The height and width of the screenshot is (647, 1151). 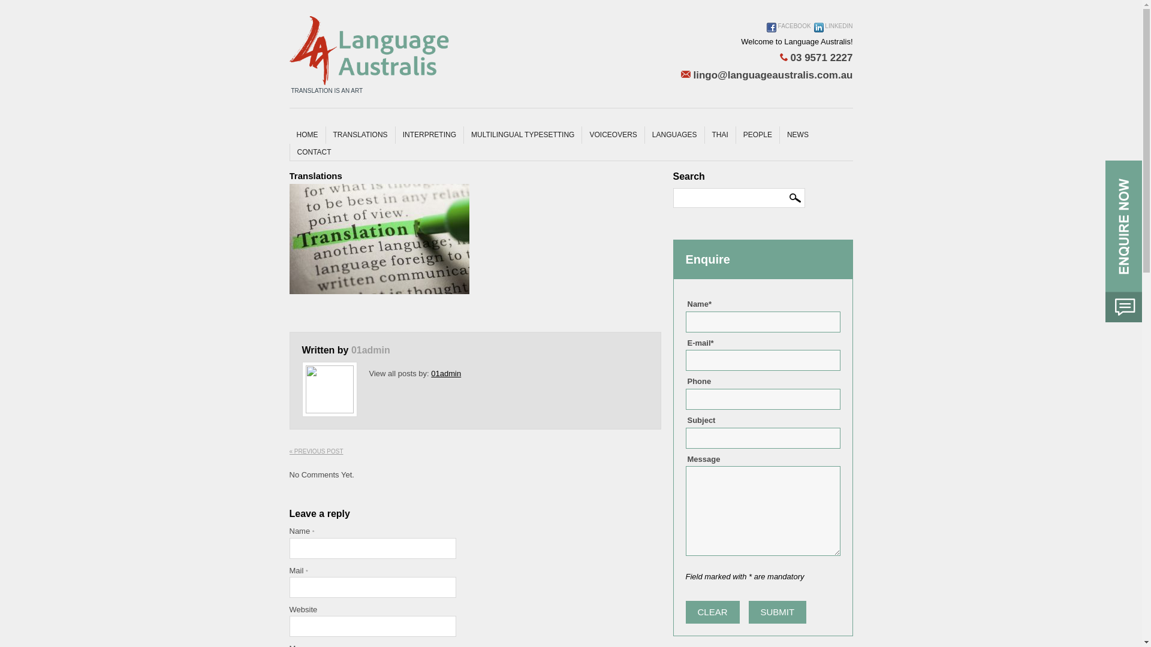 What do you see at coordinates (368, 50) in the screenshot?
I see `'Translation is an Art'` at bounding box center [368, 50].